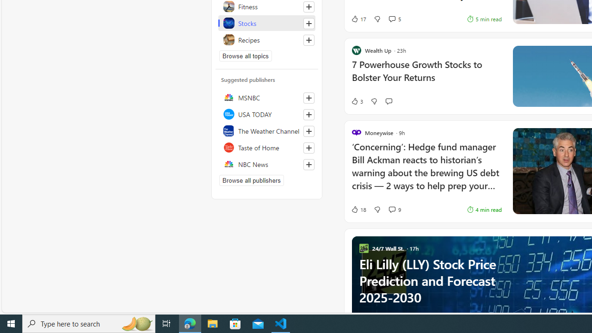 This screenshot has height=333, width=592. Describe the element at coordinates (392, 209) in the screenshot. I see `'View comments 9 Comment'` at that location.